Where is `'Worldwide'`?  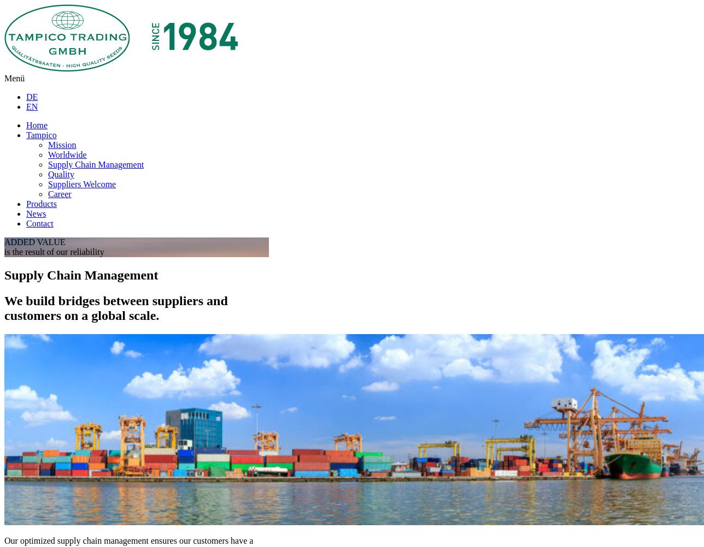
'Worldwide' is located at coordinates (67, 154).